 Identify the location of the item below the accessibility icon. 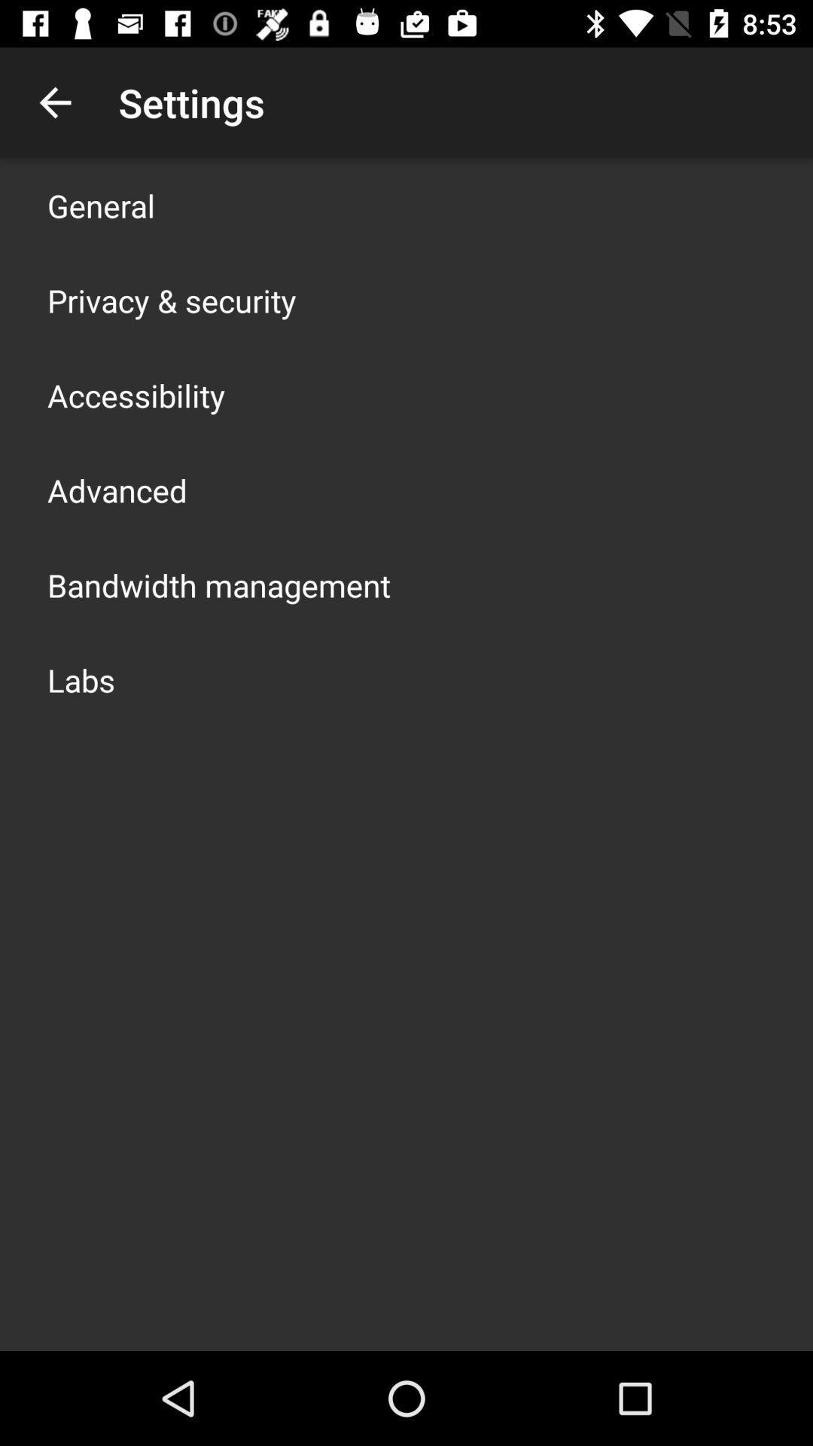
(116, 490).